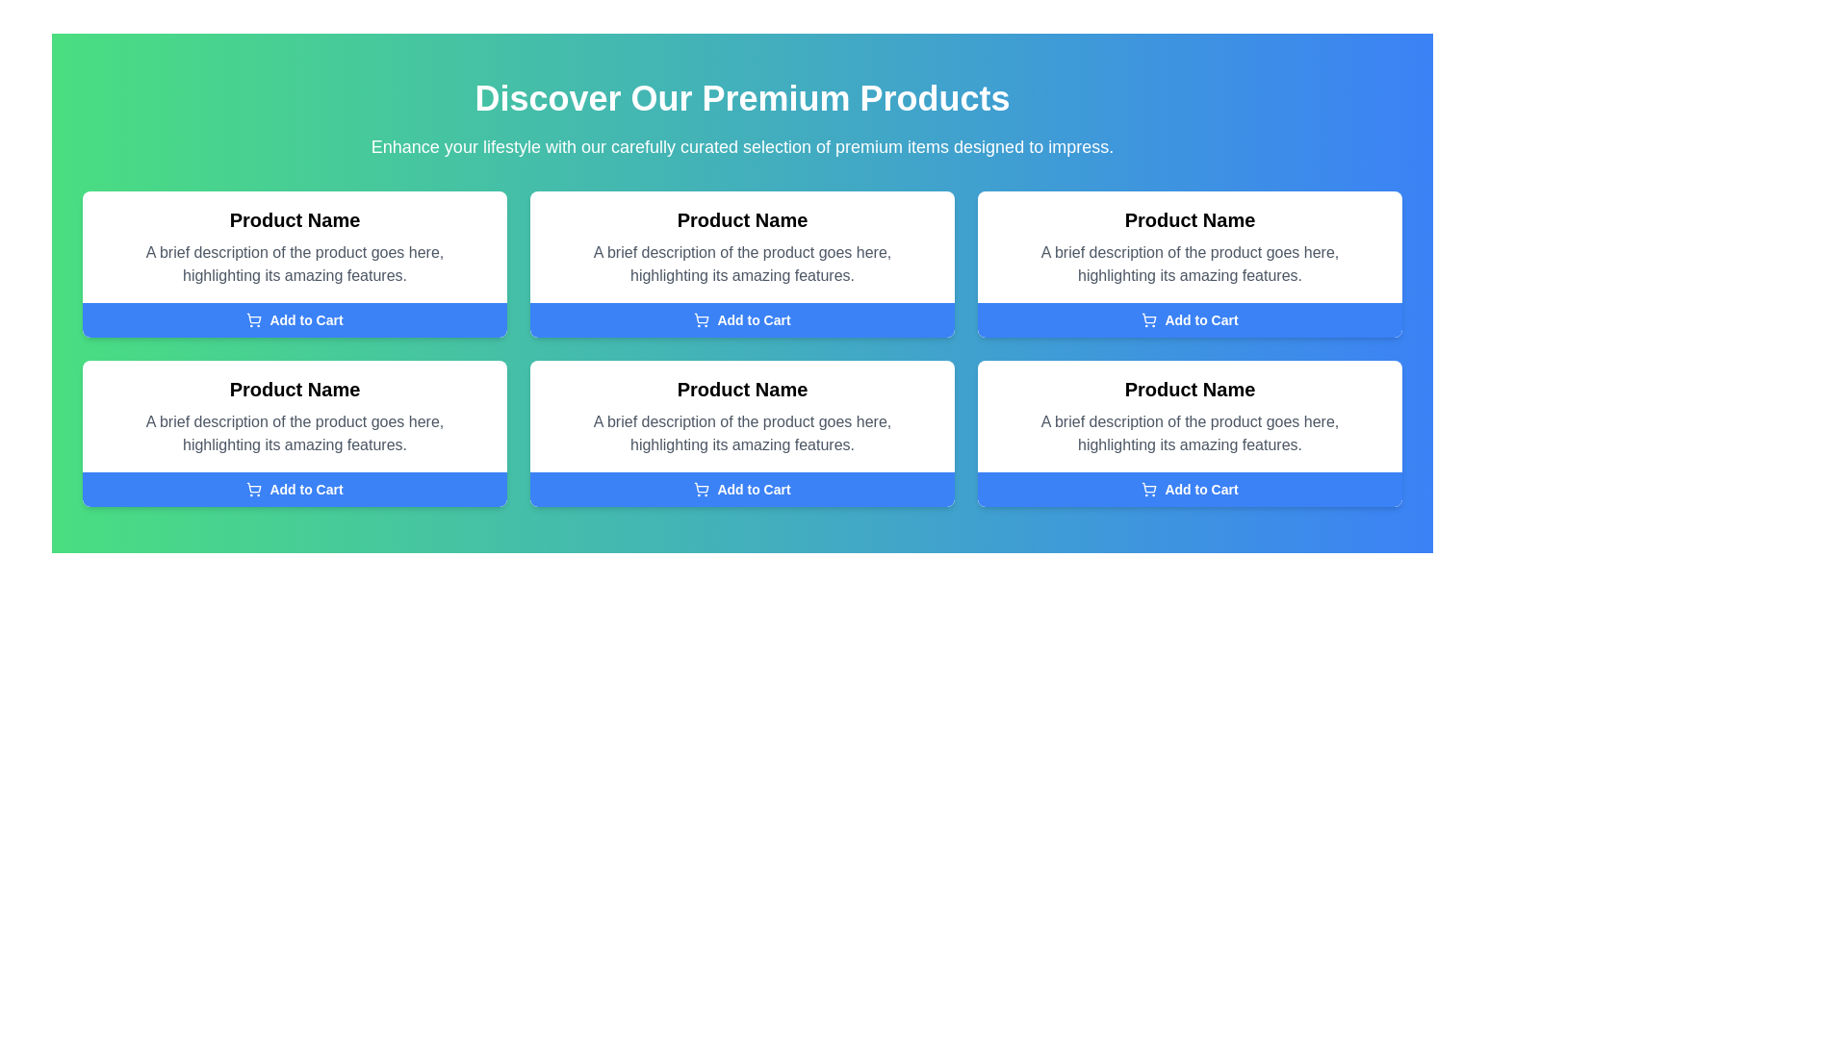 The image size is (1848, 1039). Describe the element at coordinates (741, 318) in the screenshot. I see `the button located at the bottom of the product card, which allows users to add the corresponding product to their shopping cart` at that location.